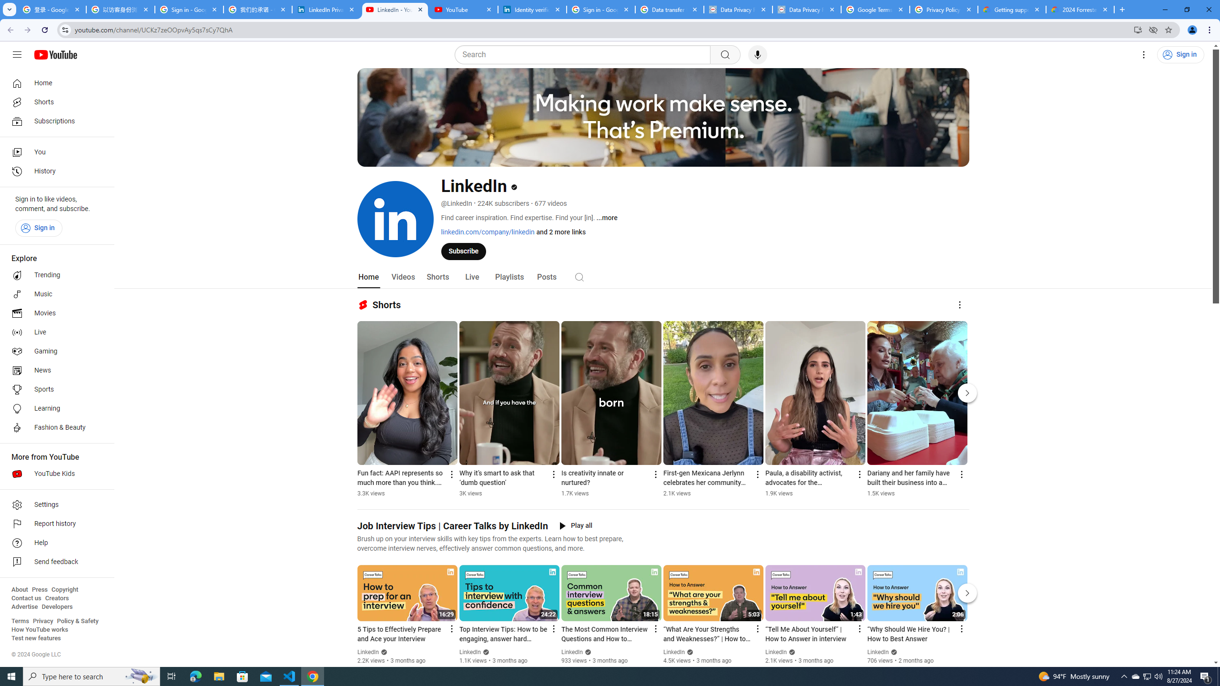 The image size is (1220, 686). I want to click on 'Guide', so click(16, 54).